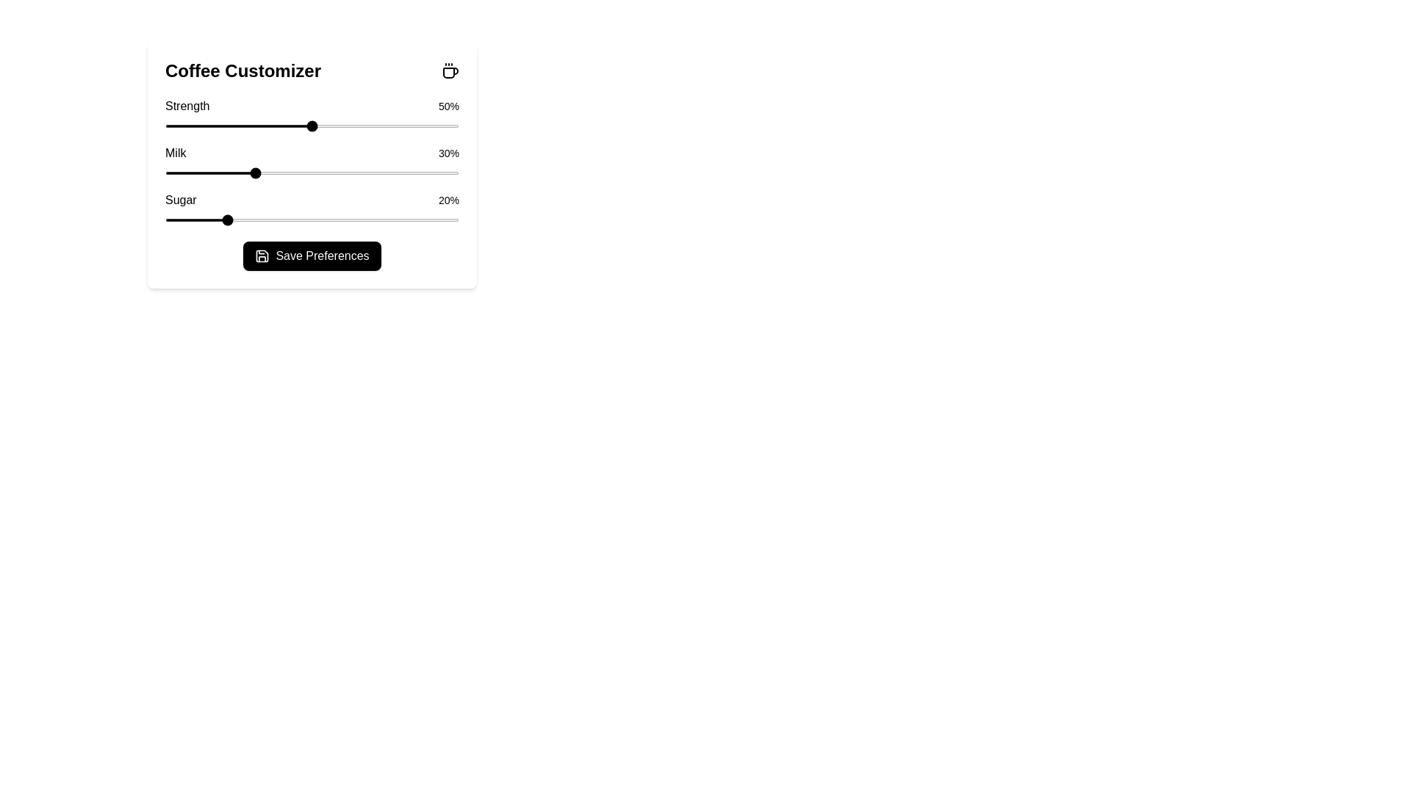  Describe the element at coordinates (268, 126) in the screenshot. I see `the strength slider` at that location.